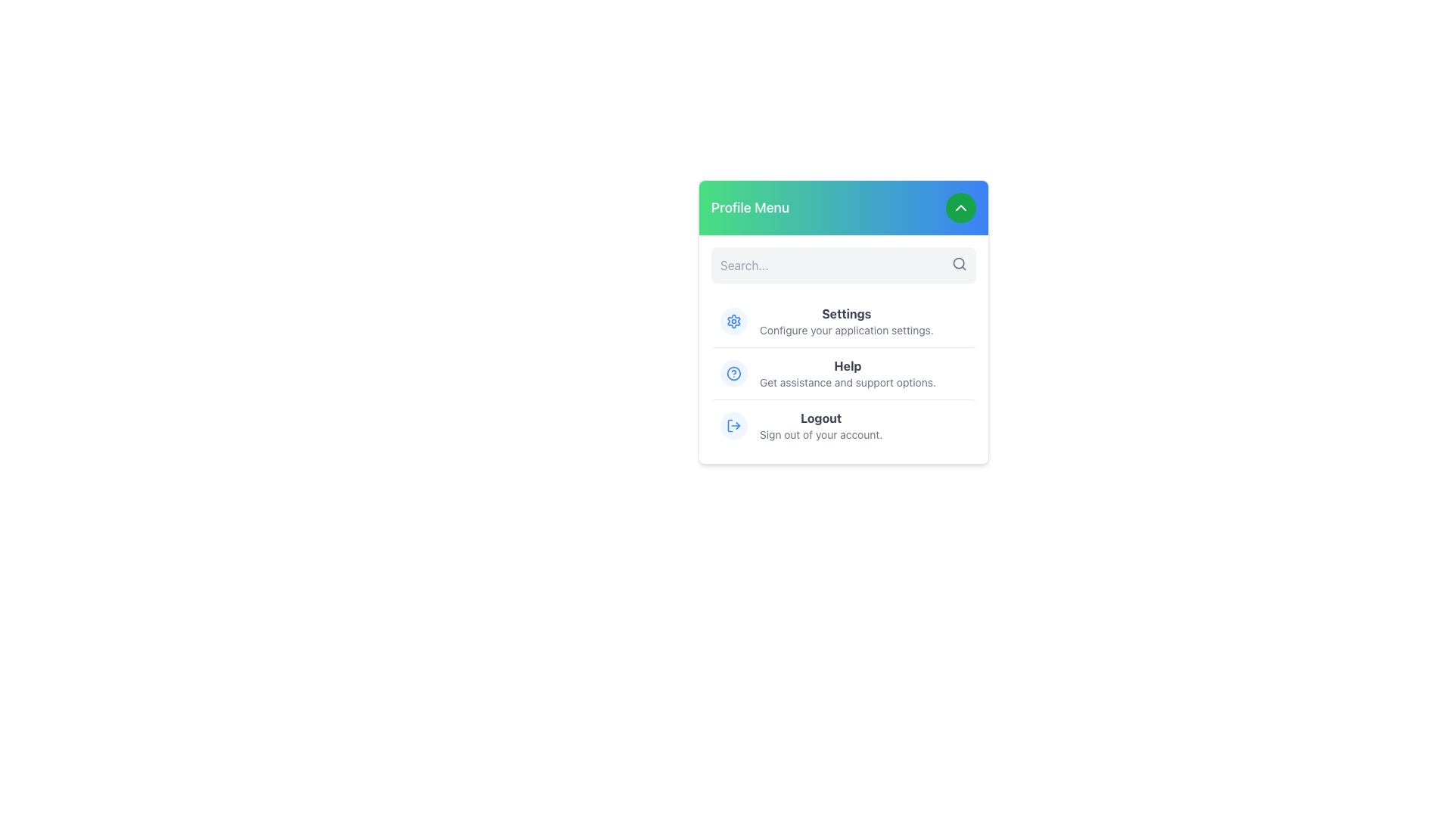 This screenshot has width=1453, height=817. Describe the element at coordinates (845, 329) in the screenshot. I see `the descriptive label located below the 'Settings' header in the profile menu, which is inside a white rectangular card with a green-blue gradient header` at that location.